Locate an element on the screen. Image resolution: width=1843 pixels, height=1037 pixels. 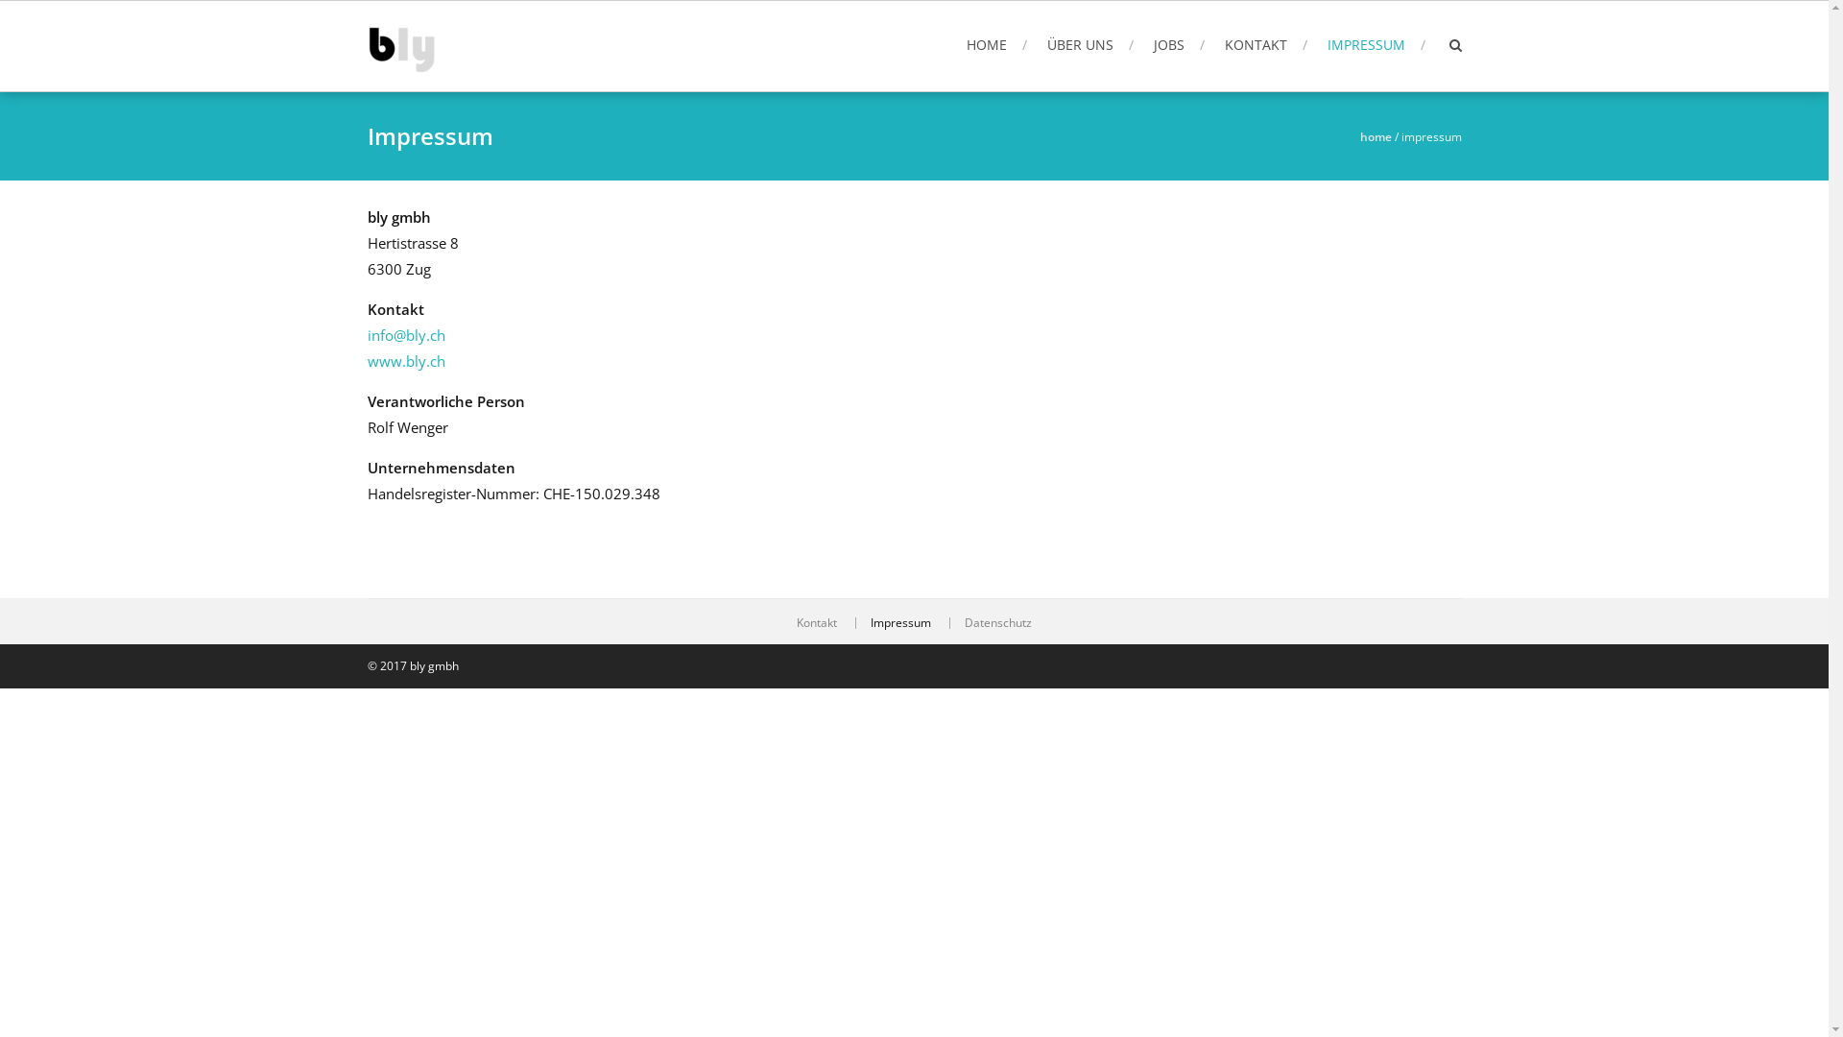
'Kontakt' is located at coordinates (816, 622).